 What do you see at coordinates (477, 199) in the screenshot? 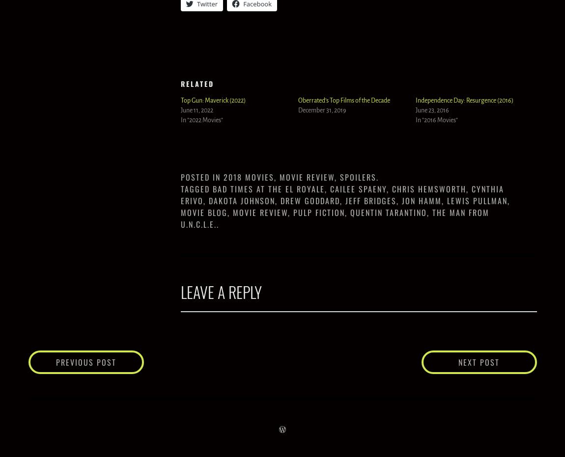
I see `'Lewis Pullman'` at bounding box center [477, 199].